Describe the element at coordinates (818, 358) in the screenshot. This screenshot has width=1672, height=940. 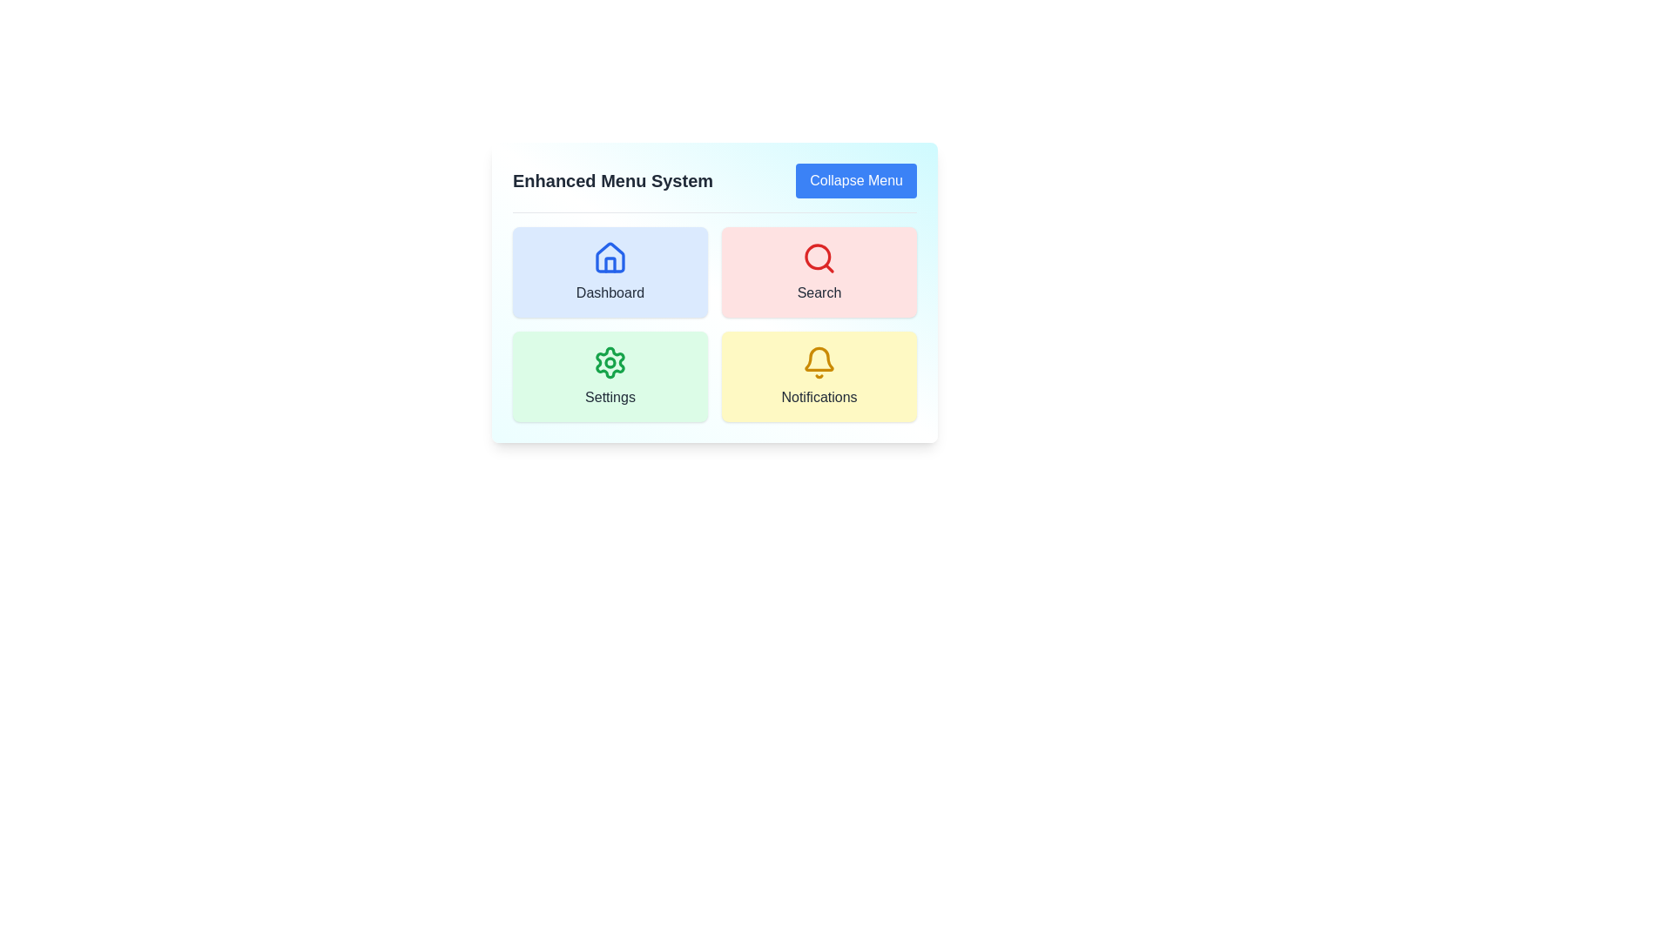
I see `the bell icon, which signifies the notifications feature, to use it as a visual cue for interaction` at that location.